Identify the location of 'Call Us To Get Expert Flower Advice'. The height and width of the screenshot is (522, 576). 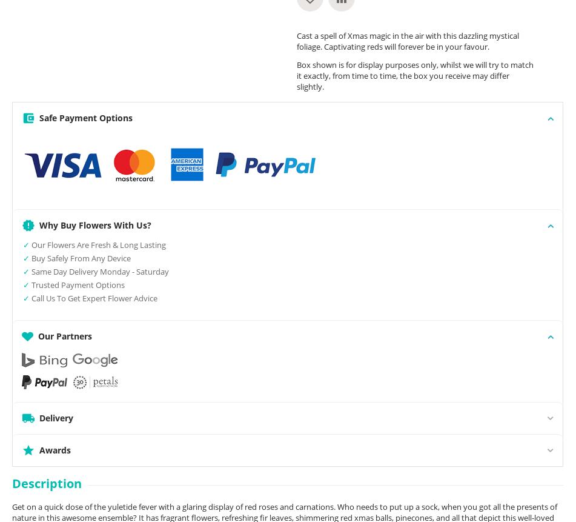
(31, 297).